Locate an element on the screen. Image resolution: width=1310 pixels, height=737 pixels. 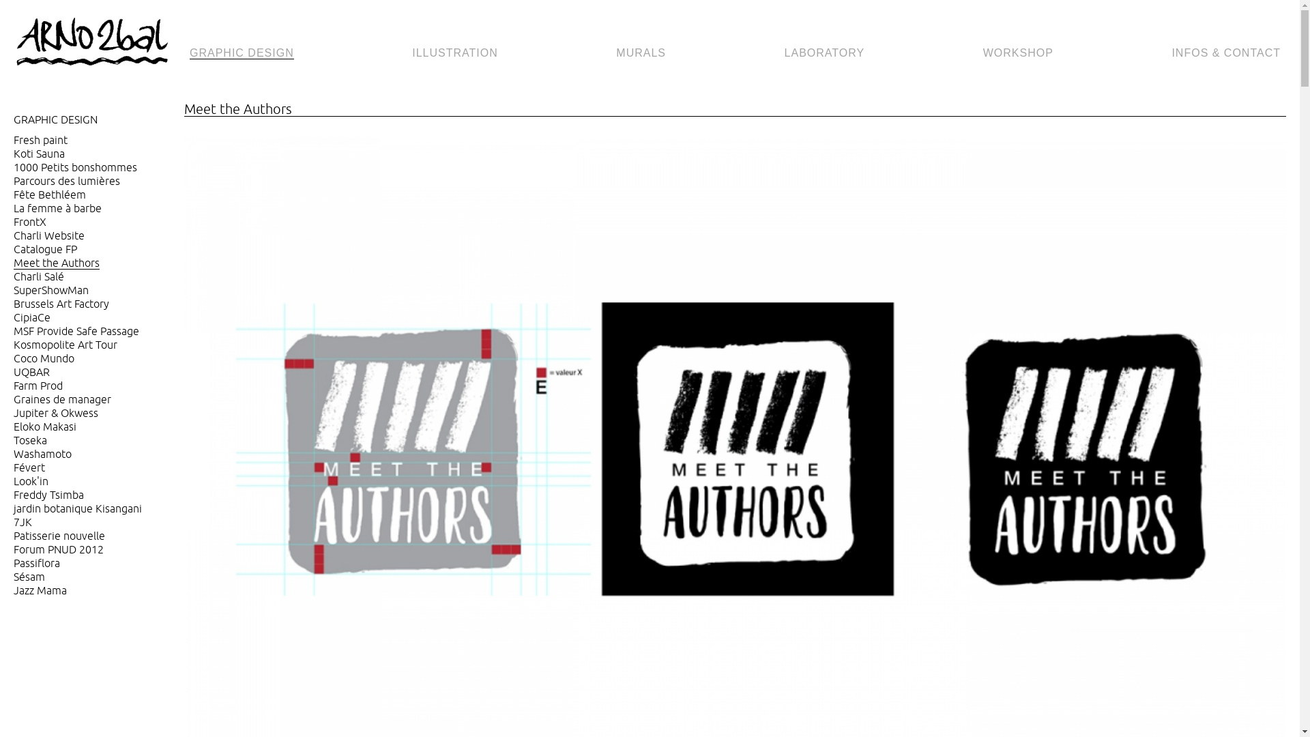
'Coco Mundo' is located at coordinates (13, 358).